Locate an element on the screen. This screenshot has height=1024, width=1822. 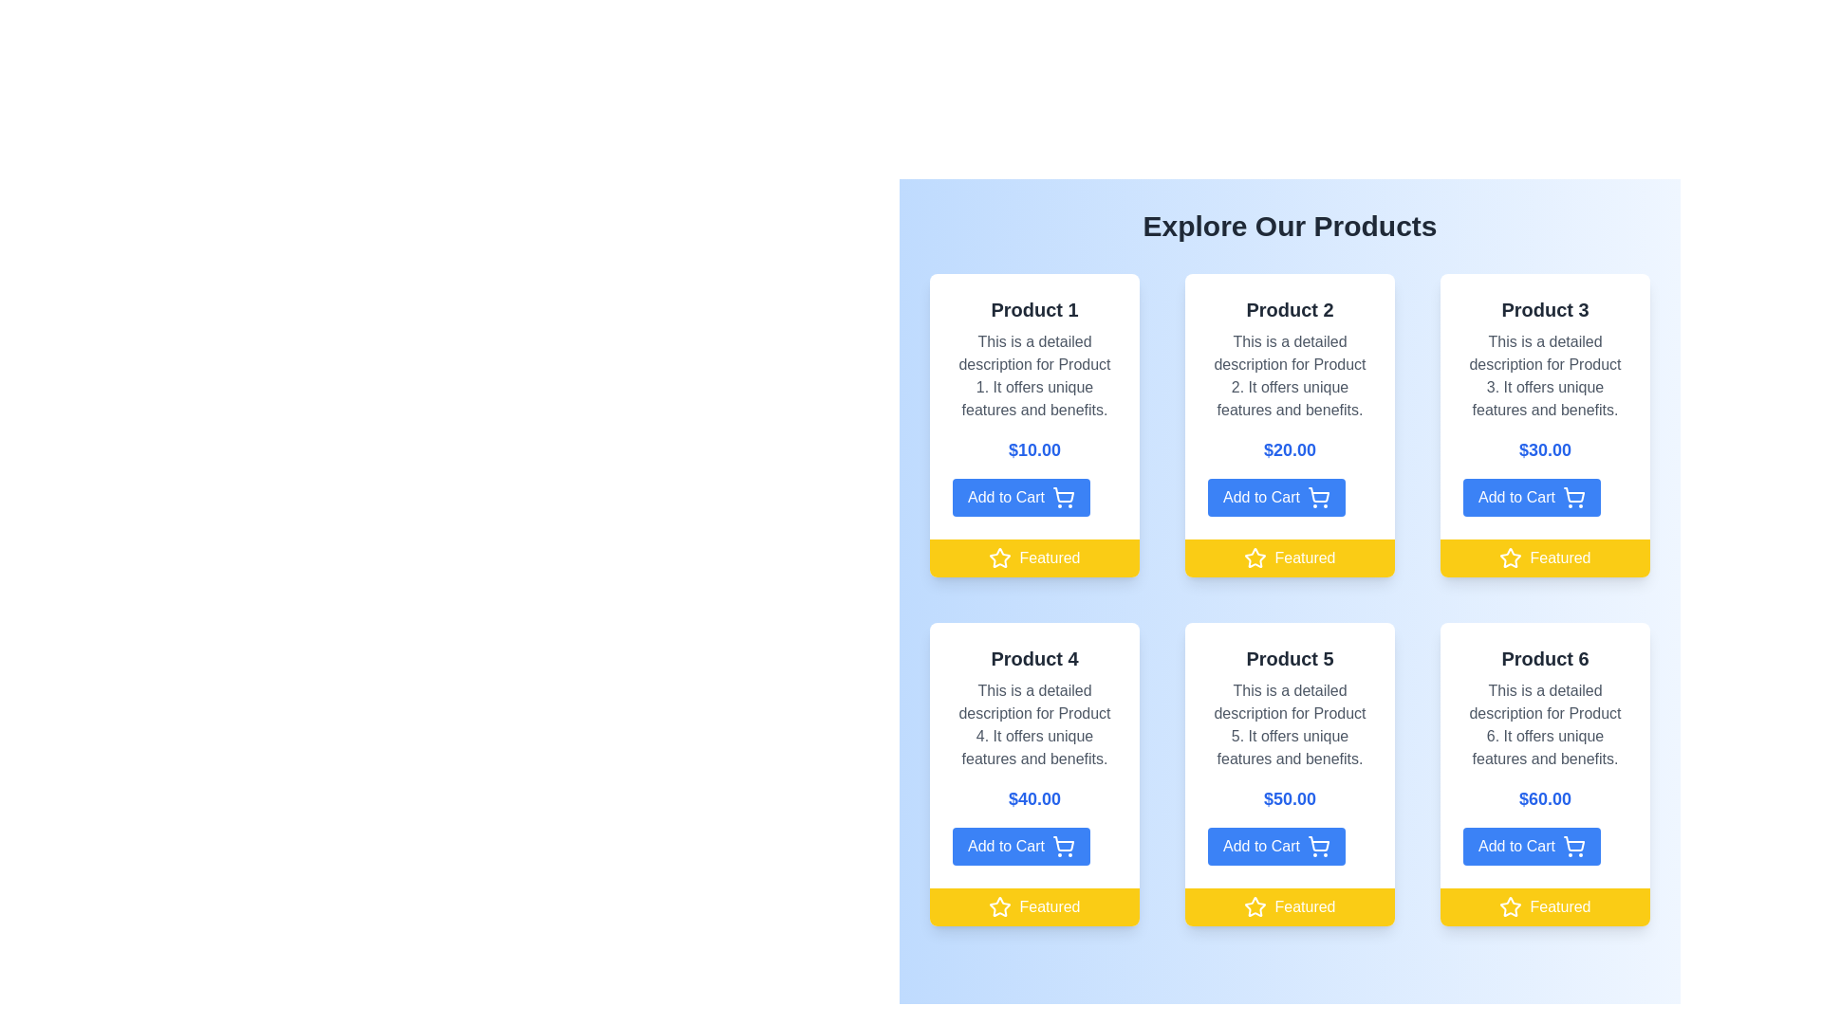
the Label with a bright yellow background, a white star icon, and the text 'Featured' located at the bottom center of the 'Product 6' card, just below the 'Add to Cart' button is located at coordinates (1545, 905).